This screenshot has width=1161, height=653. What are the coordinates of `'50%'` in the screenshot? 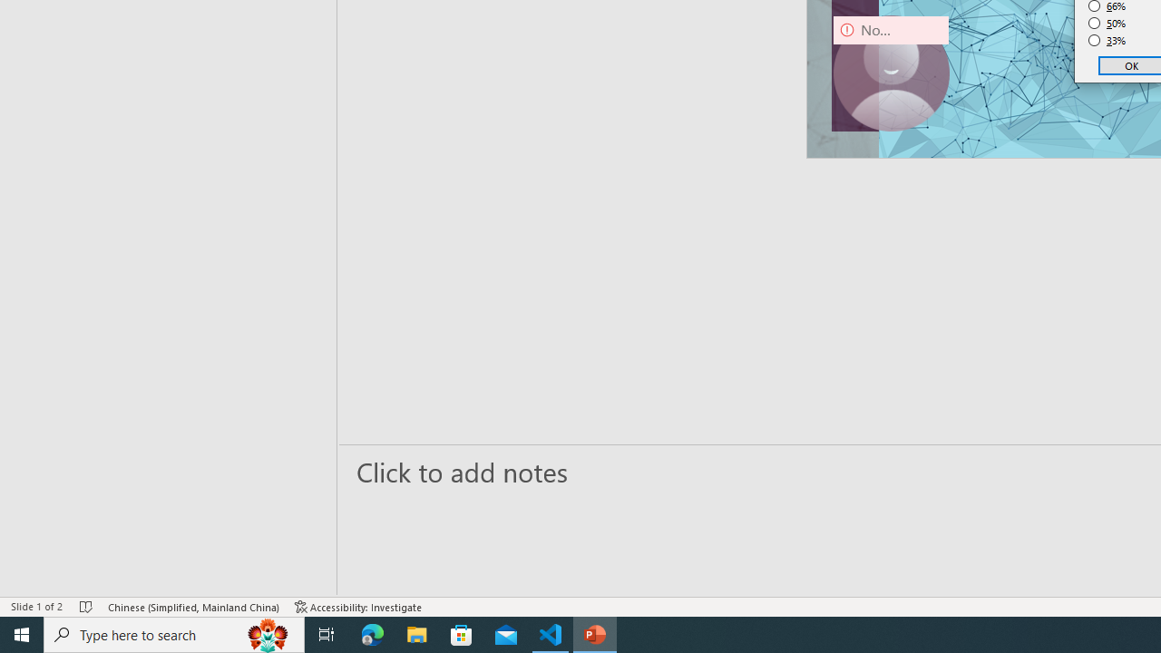 It's located at (1107, 23).